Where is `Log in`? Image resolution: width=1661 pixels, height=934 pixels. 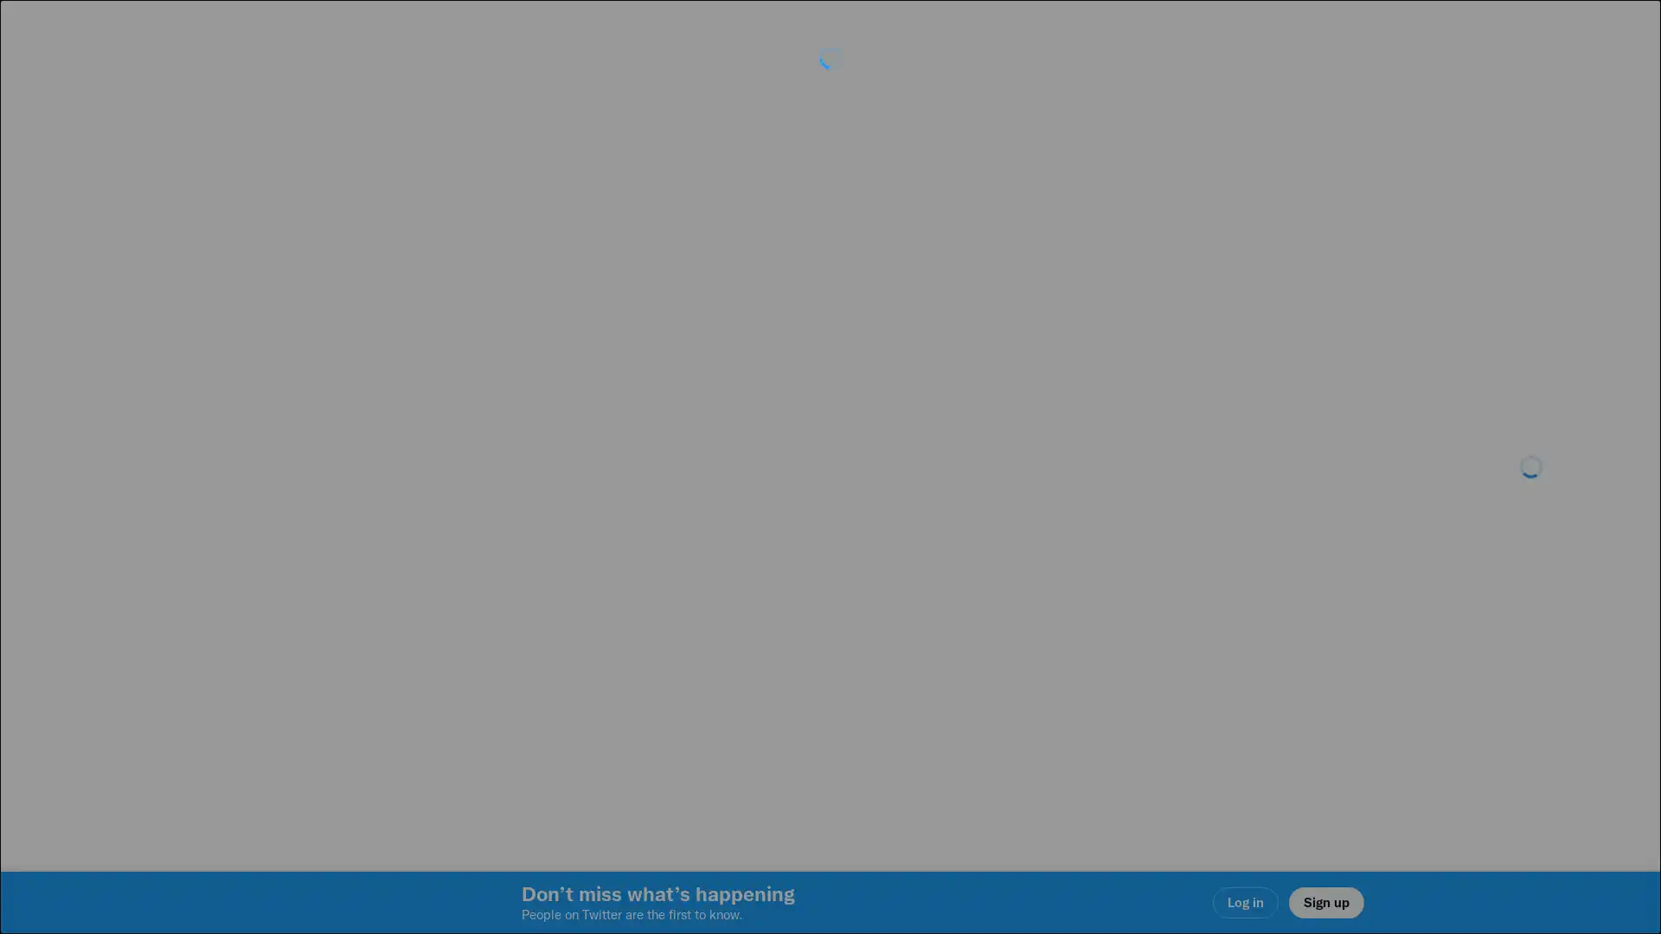
Log in is located at coordinates (1038, 589).